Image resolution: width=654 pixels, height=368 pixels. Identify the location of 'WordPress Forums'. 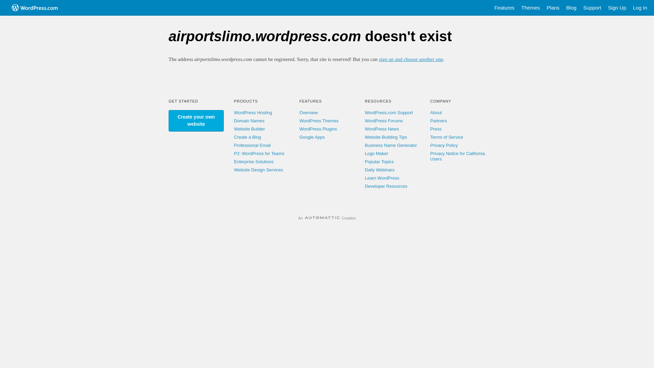
(384, 120).